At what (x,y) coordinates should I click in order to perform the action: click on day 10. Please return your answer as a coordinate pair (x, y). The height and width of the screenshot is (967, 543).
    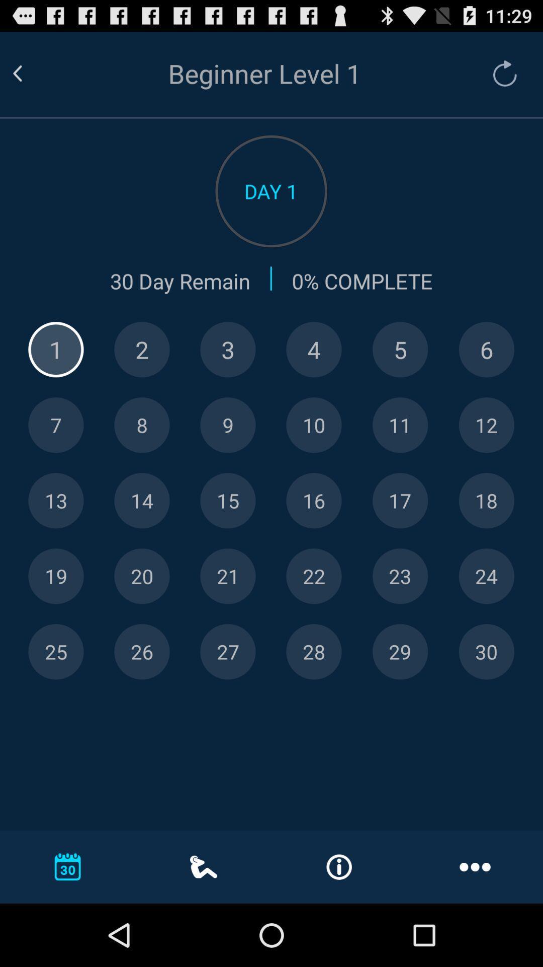
    Looking at the image, I should click on (313, 425).